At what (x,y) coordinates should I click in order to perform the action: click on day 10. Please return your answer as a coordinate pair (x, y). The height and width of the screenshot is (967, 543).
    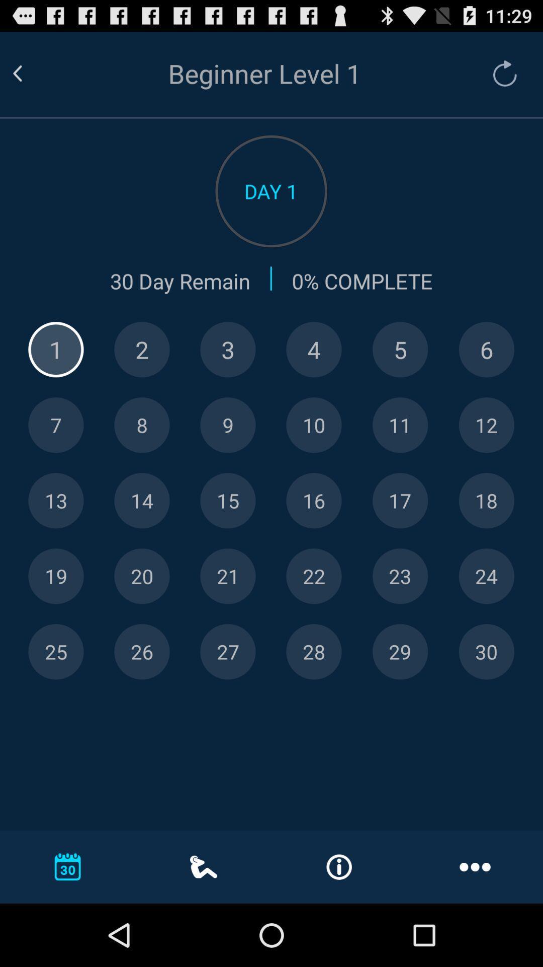
    Looking at the image, I should click on (313, 425).